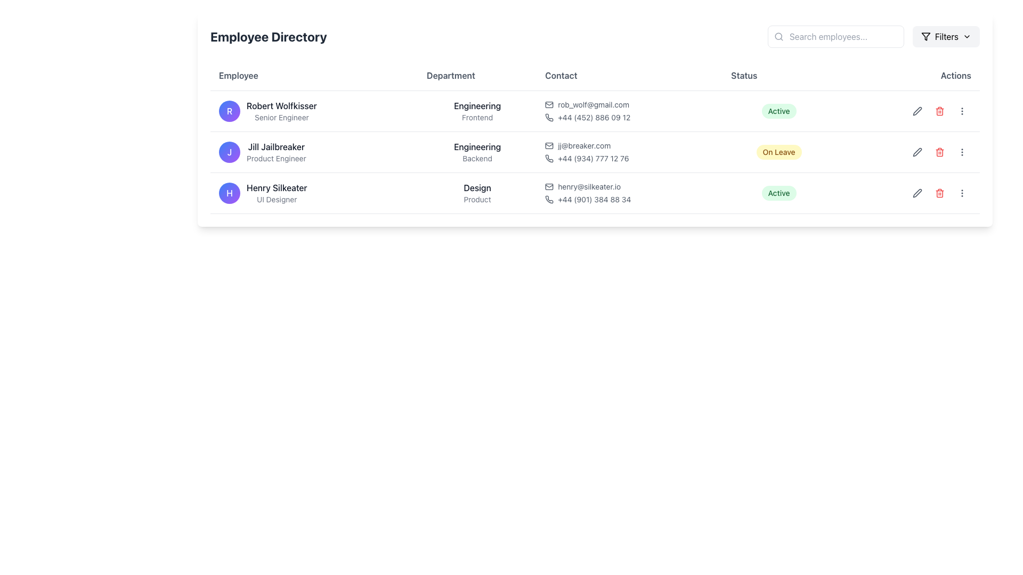 The height and width of the screenshot is (575, 1023). I want to click on the 'Department' text label for the individual 'Robert Wolfkisser' located in the second row of the table, which indicates the individual's department with the subtext 'Frontend' below it, so click(477, 106).